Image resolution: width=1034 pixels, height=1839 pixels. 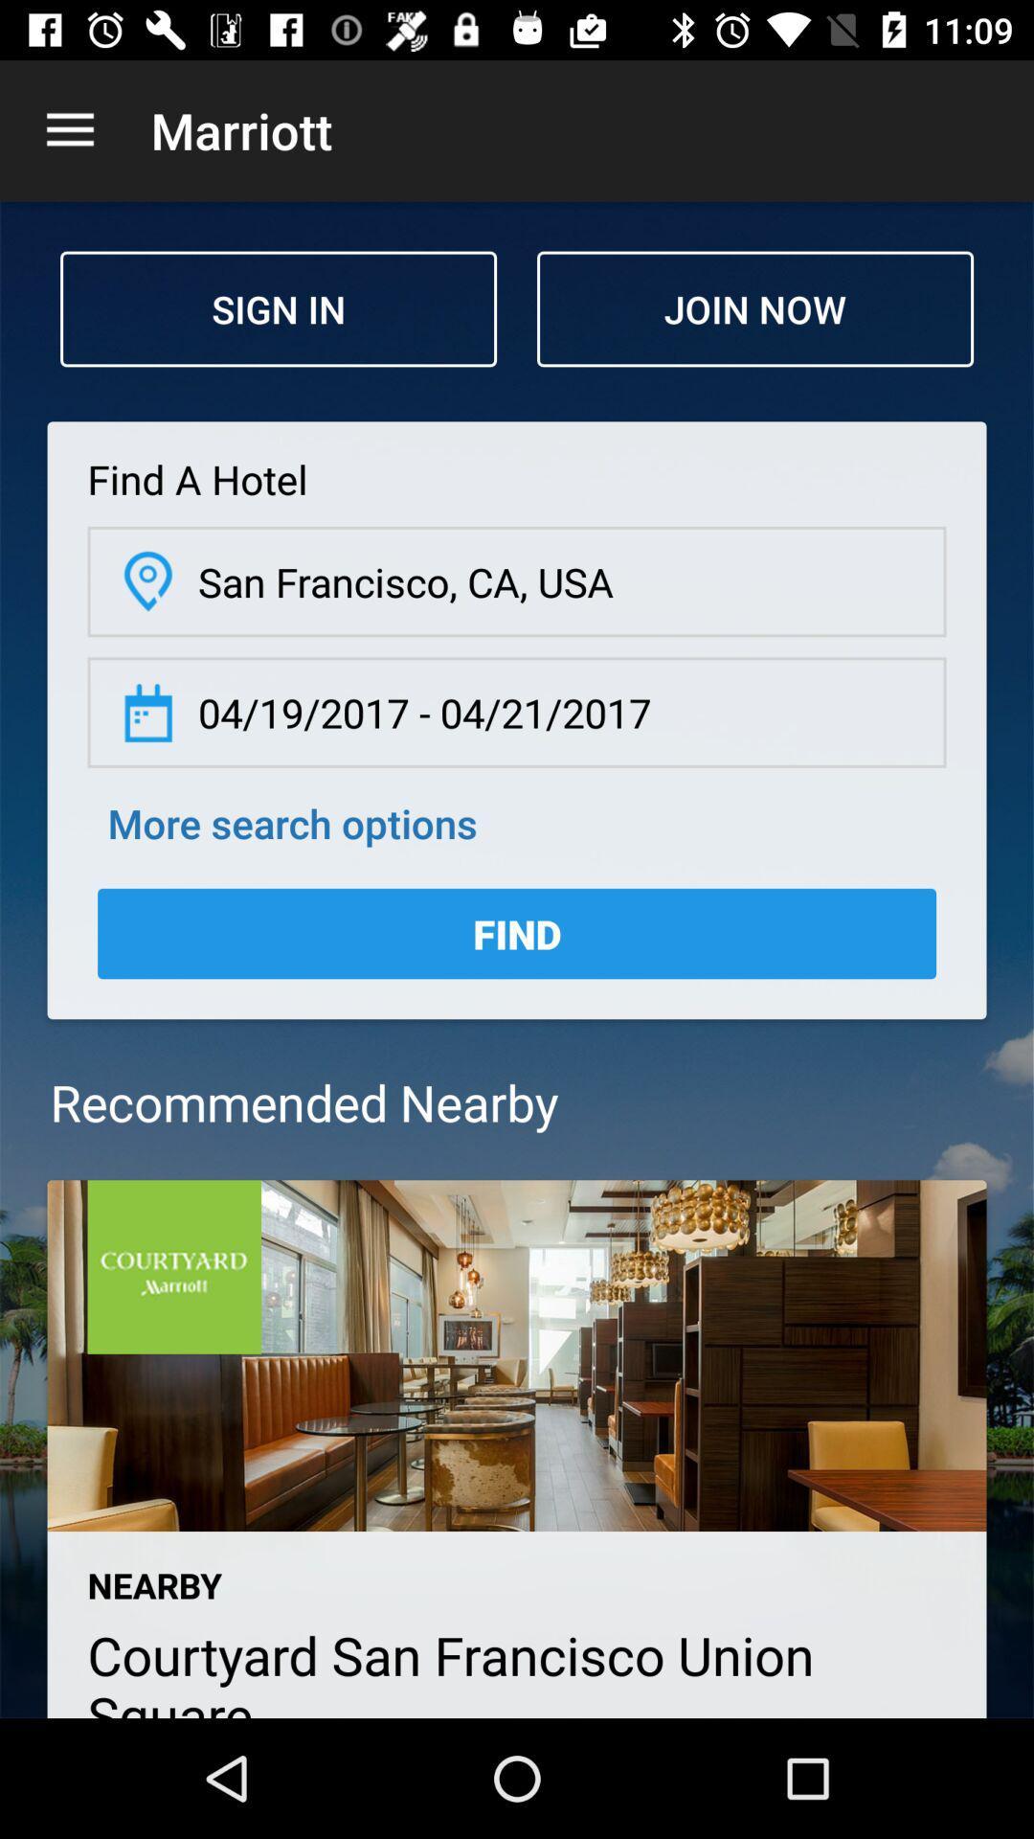 What do you see at coordinates (754, 308) in the screenshot?
I see `the icon above the find a hotel` at bounding box center [754, 308].